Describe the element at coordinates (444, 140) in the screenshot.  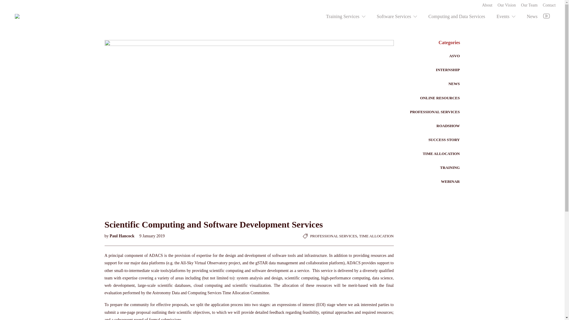
I see `'SUCCESS STORY'` at that location.